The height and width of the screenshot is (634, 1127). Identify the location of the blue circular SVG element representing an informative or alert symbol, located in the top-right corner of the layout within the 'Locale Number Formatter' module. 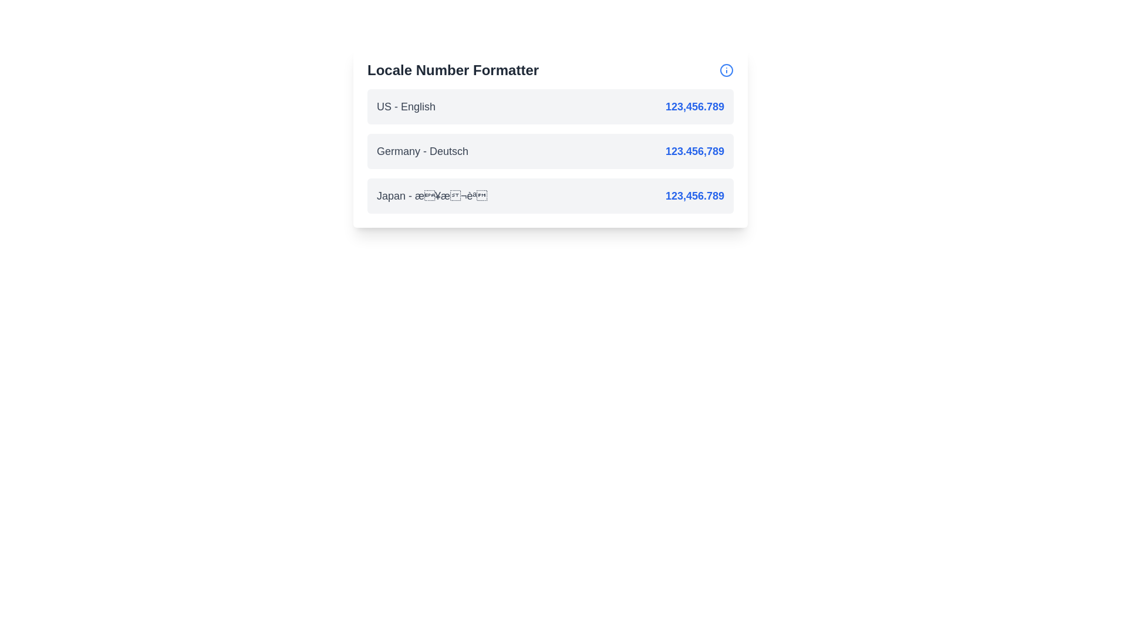
(726, 70).